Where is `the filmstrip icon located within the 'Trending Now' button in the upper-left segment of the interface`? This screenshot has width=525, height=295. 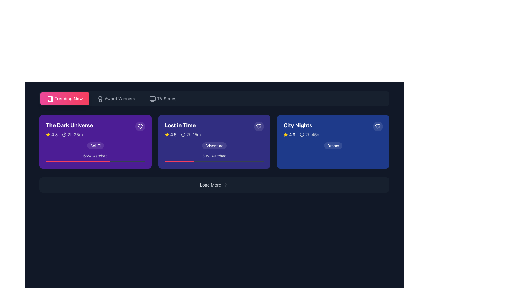
the filmstrip icon located within the 'Trending Now' button in the upper-left segment of the interface is located at coordinates (50, 99).